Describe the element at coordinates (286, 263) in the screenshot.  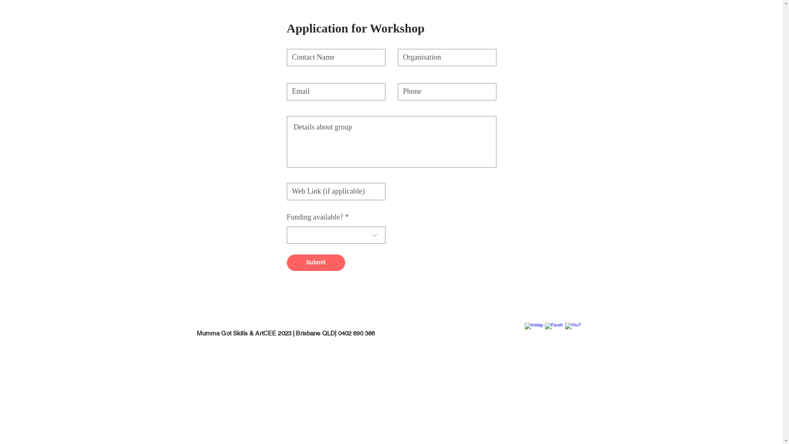
I see `'Submit'` at that location.